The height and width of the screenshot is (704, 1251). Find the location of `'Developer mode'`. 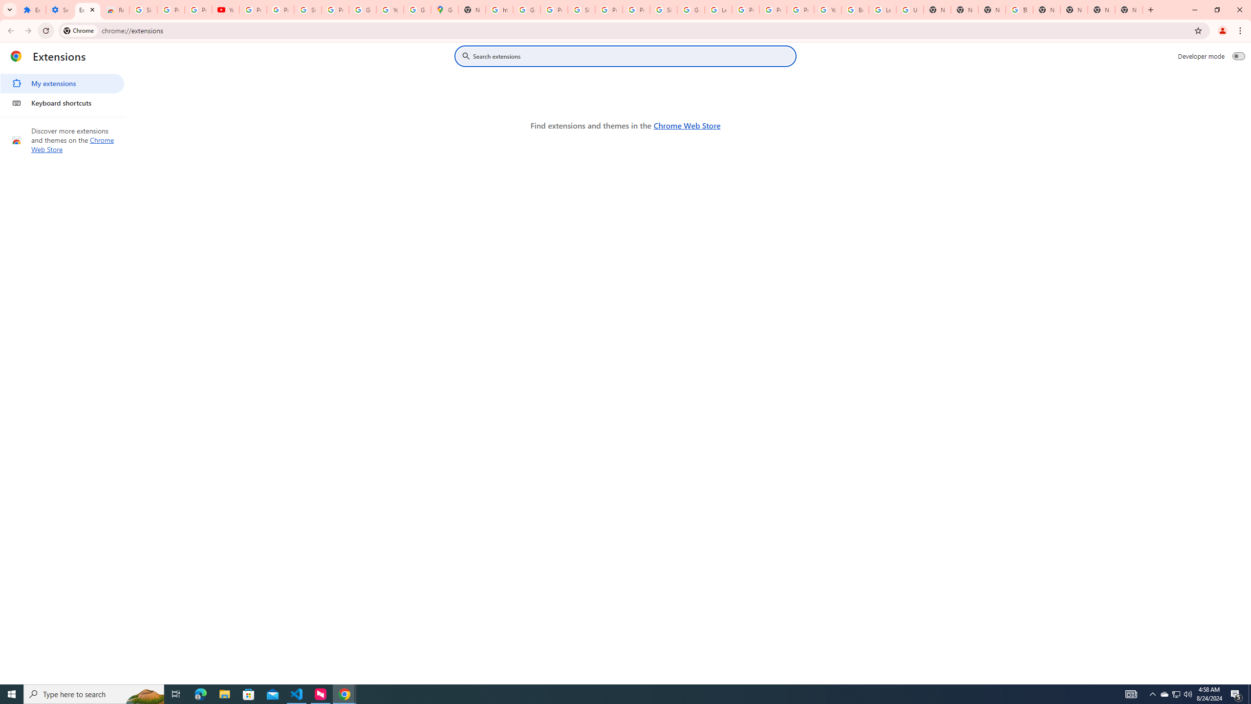

'Developer mode' is located at coordinates (1239, 56).